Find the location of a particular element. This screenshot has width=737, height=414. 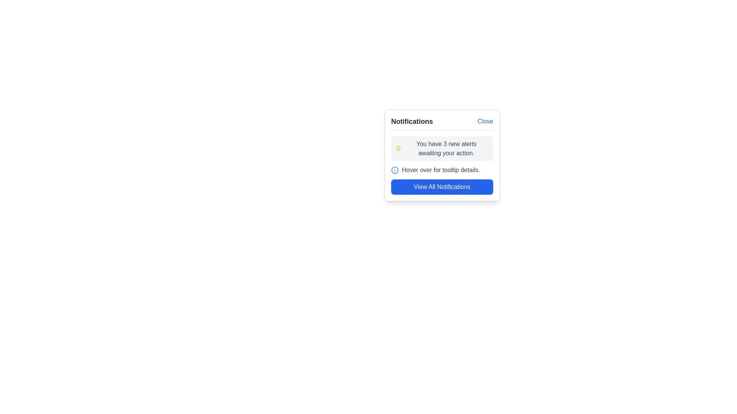

the button at the bottom of the notifications panel is located at coordinates (442, 187).